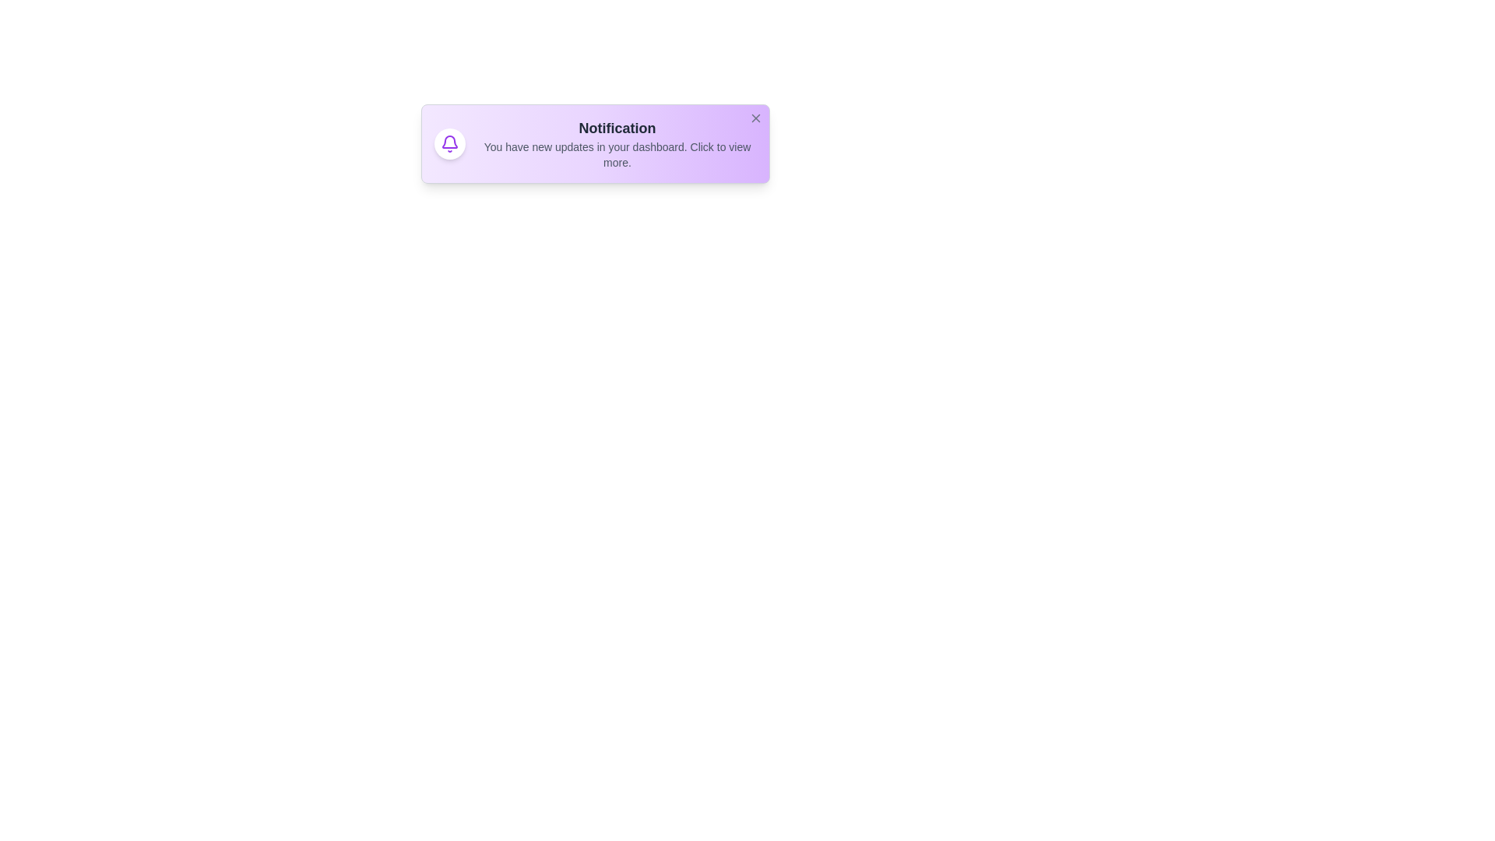  What do you see at coordinates (448, 144) in the screenshot?
I see `the purple bell-shaped notification icon, which is centrally placed within a circular button on the left side of the notification bar` at bounding box center [448, 144].